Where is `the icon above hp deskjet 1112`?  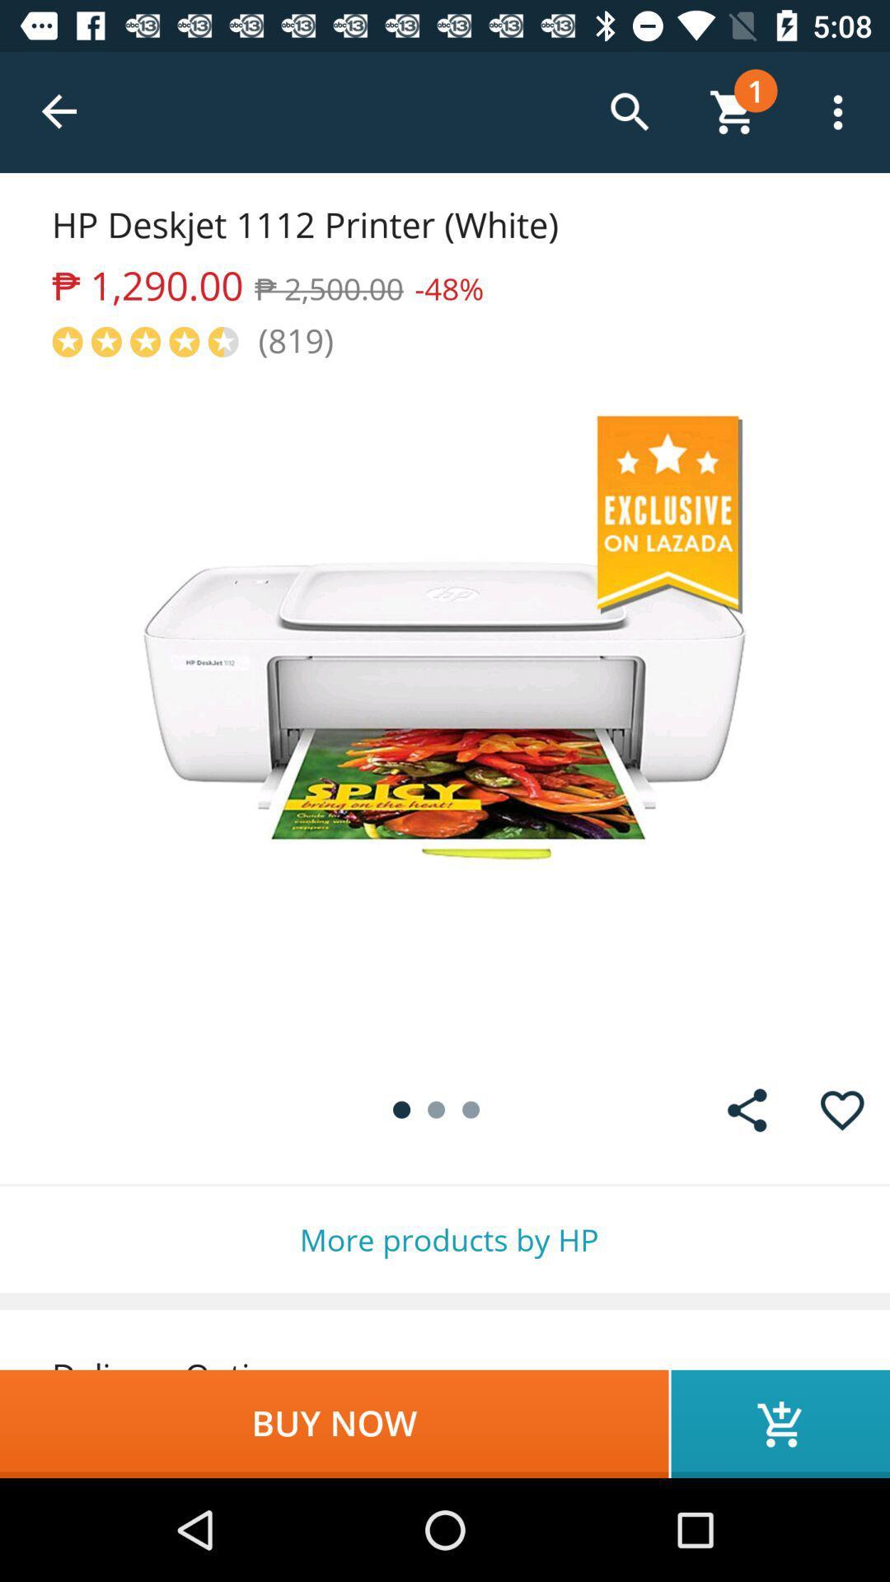
the icon above hp deskjet 1112 is located at coordinates (59, 111).